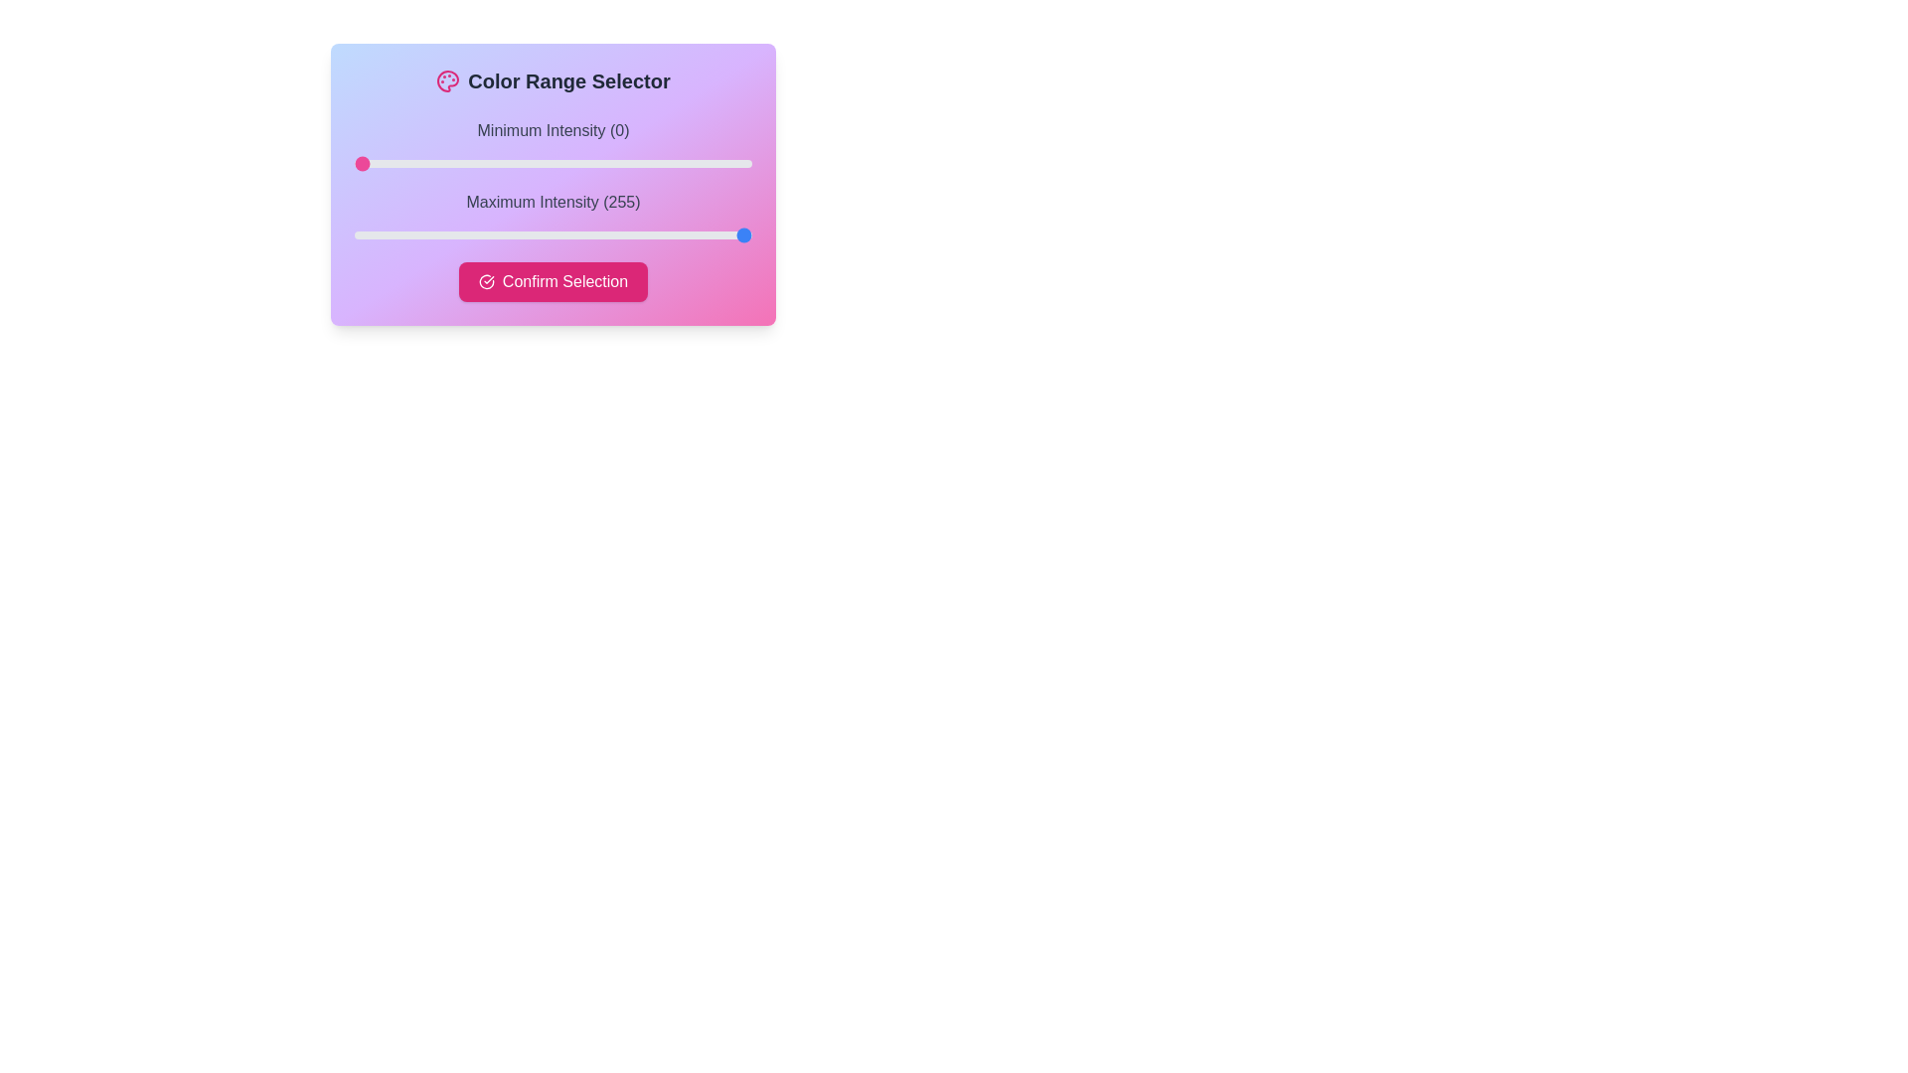 The width and height of the screenshot is (1908, 1073). What do you see at coordinates (523, 163) in the screenshot?
I see `the minimum intensity slider to 108 value` at bounding box center [523, 163].